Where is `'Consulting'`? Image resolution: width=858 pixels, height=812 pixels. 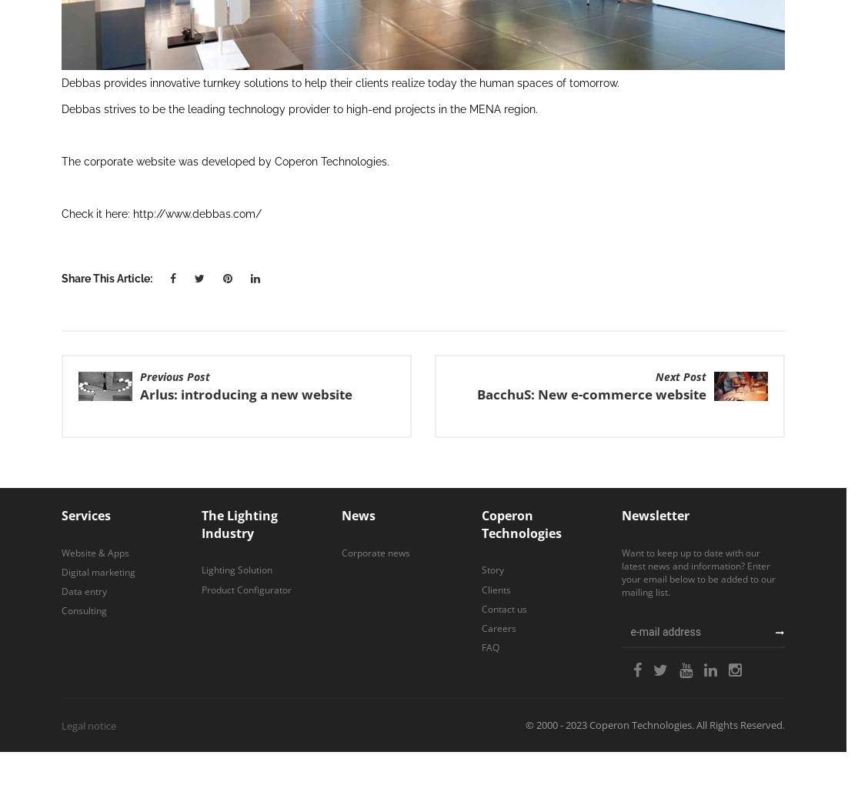
'Consulting' is located at coordinates (84, 610).